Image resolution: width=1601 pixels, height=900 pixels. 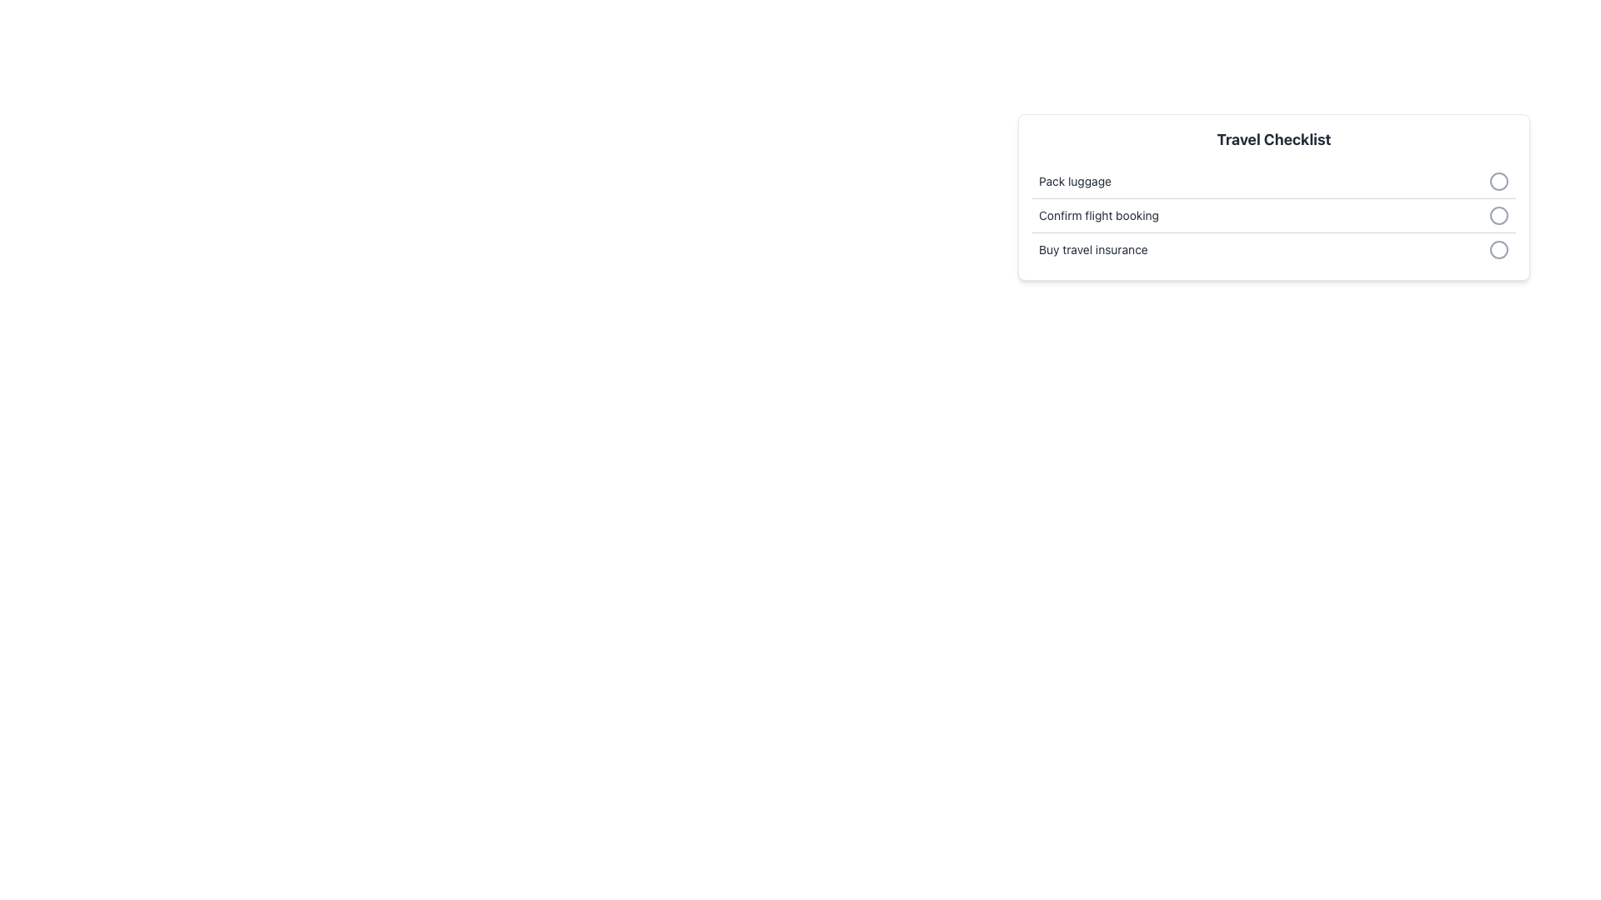 What do you see at coordinates (1499, 214) in the screenshot?
I see `the radio button for 'Confirm flight booking' located to the right of its label in the second item of the 'Travel Checklist'` at bounding box center [1499, 214].